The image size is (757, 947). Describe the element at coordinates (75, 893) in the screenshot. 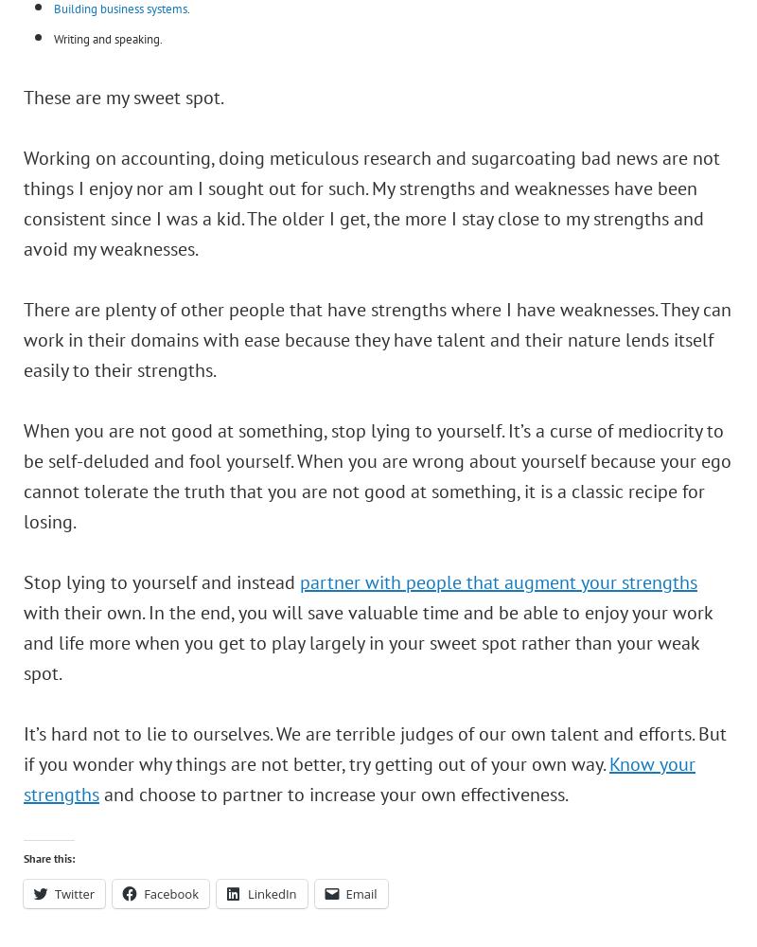

I see `'Twitter'` at that location.